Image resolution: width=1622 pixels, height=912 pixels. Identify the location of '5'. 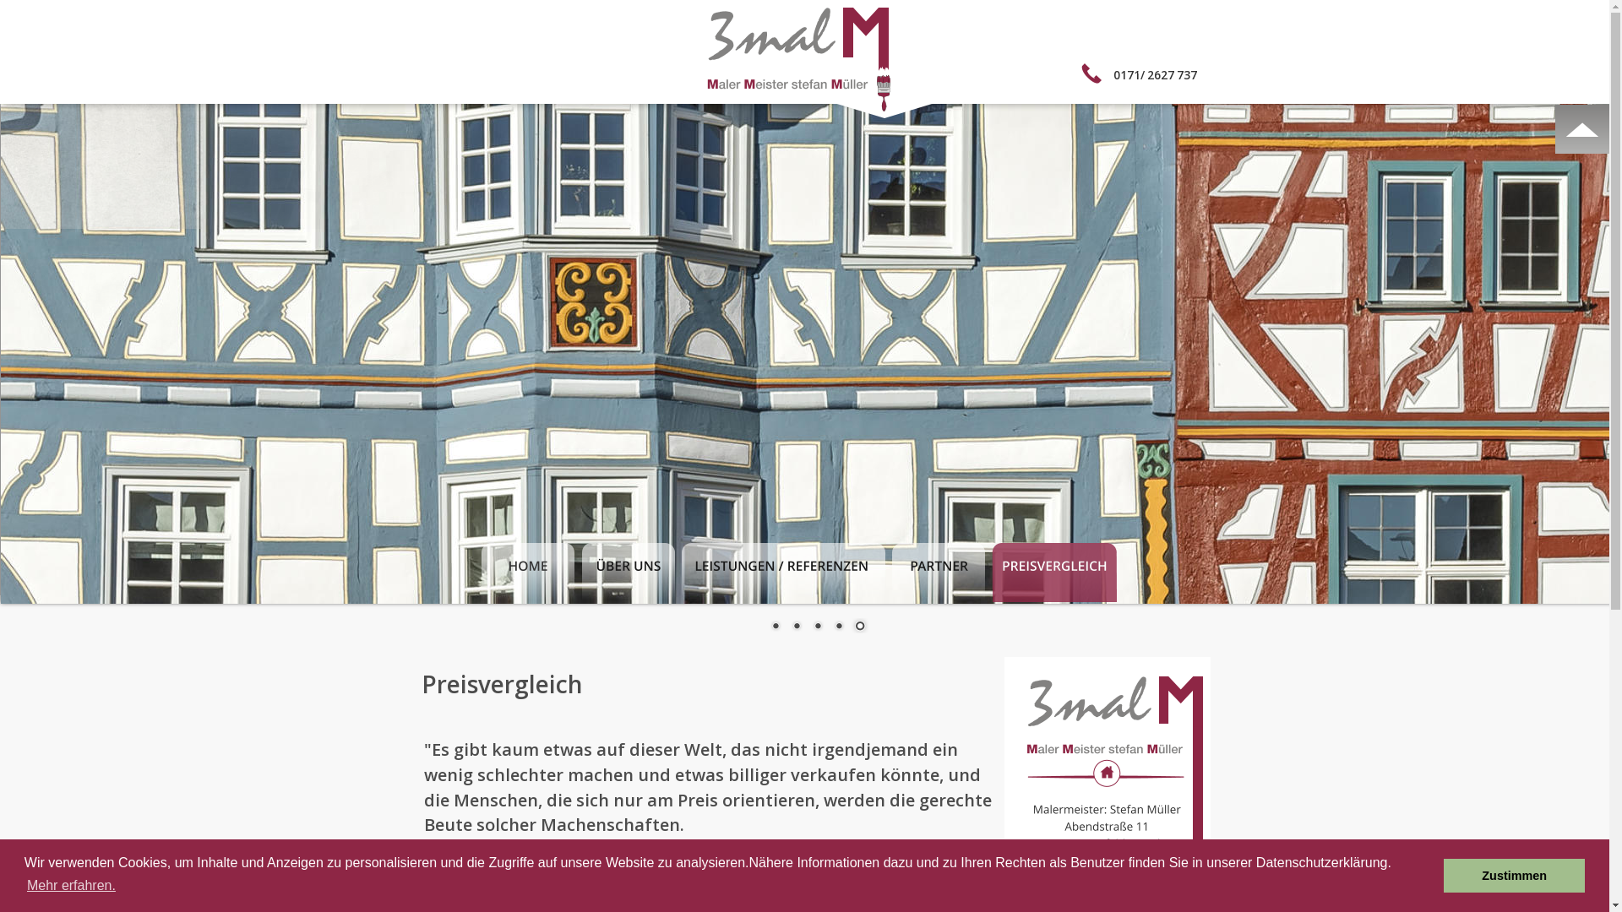
(859, 627).